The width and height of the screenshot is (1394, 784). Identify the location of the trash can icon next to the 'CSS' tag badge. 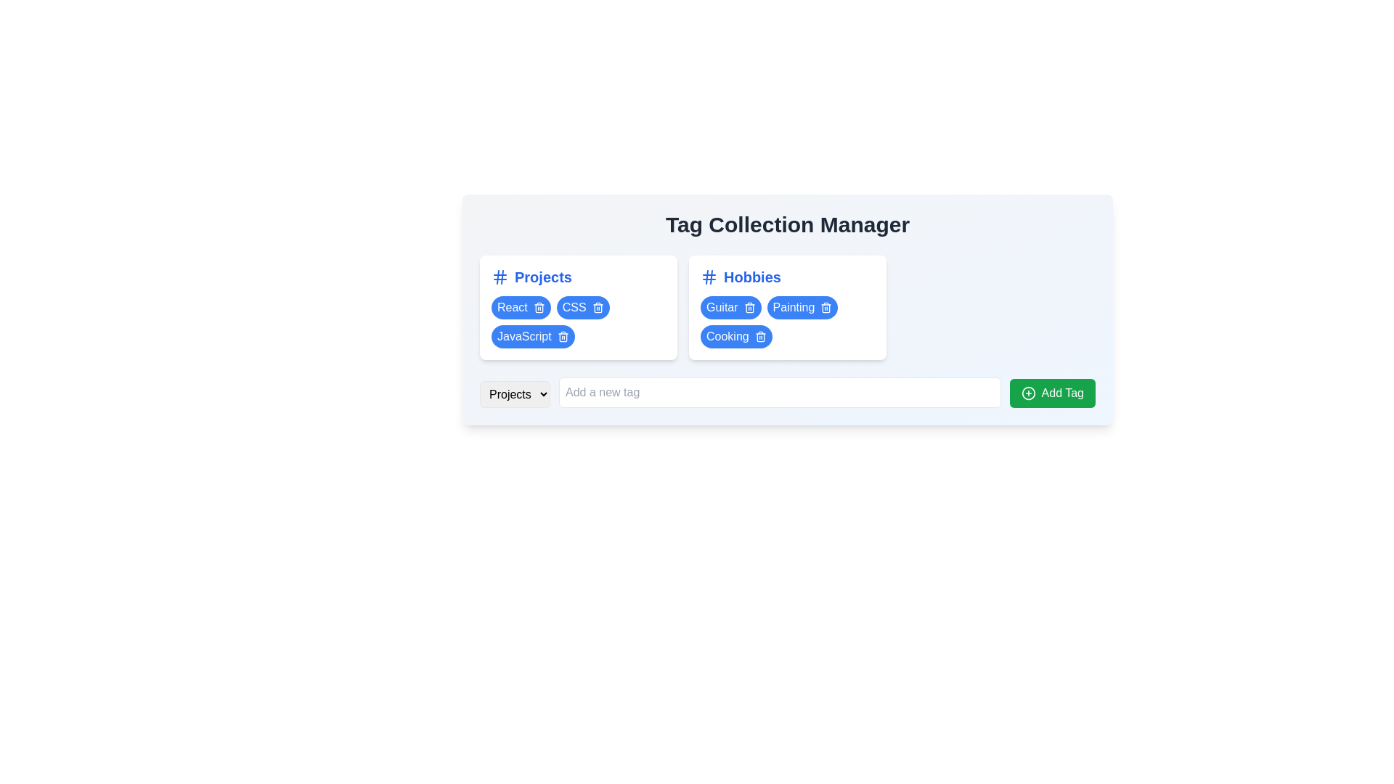
(583, 307).